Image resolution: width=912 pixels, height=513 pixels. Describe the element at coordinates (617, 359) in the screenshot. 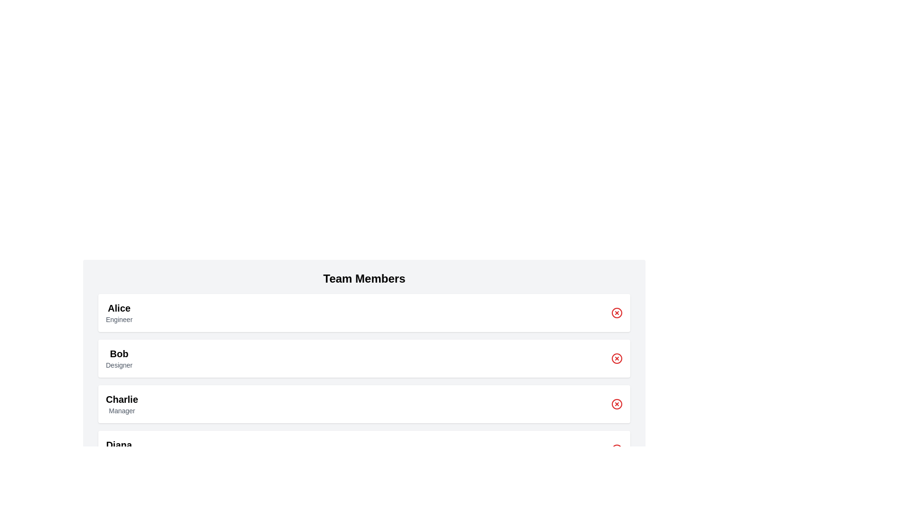

I see `the button` at that location.